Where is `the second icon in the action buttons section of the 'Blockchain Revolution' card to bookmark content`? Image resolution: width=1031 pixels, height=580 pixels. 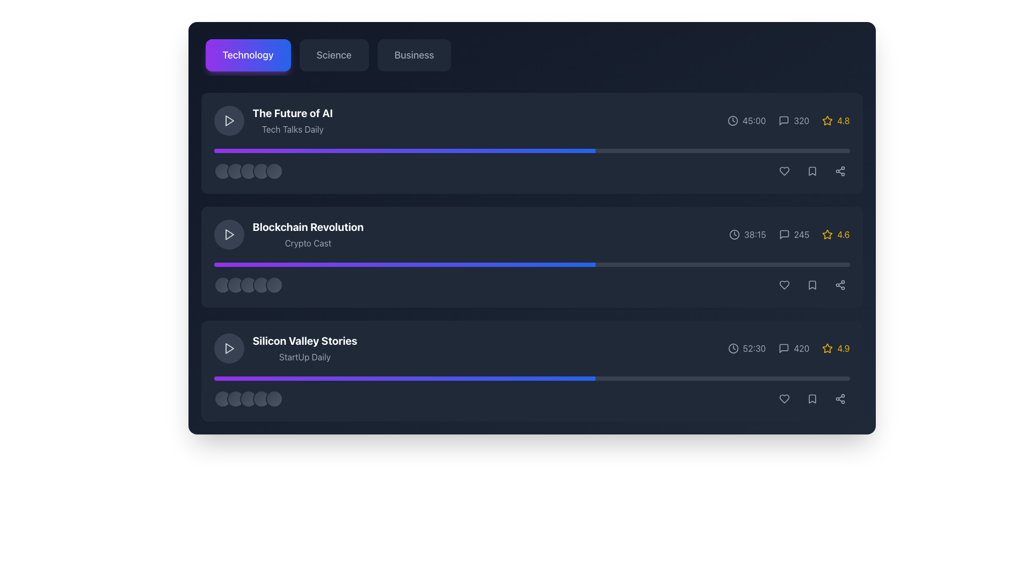
the second icon in the action buttons section of the 'Blockchain Revolution' card to bookmark content is located at coordinates (812, 285).